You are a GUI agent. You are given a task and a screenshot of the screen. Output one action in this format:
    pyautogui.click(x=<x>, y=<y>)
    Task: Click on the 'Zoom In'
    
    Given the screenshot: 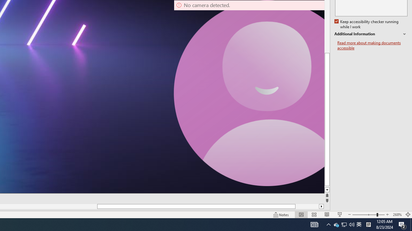 What is the action you would take?
    pyautogui.click(x=387, y=215)
    